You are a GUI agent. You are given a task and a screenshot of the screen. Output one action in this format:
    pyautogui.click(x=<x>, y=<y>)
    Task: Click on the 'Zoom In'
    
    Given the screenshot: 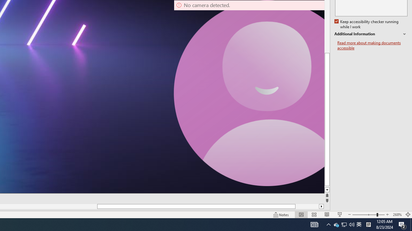 What is the action you would take?
    pyautogui.click(x=387, y=215)
    